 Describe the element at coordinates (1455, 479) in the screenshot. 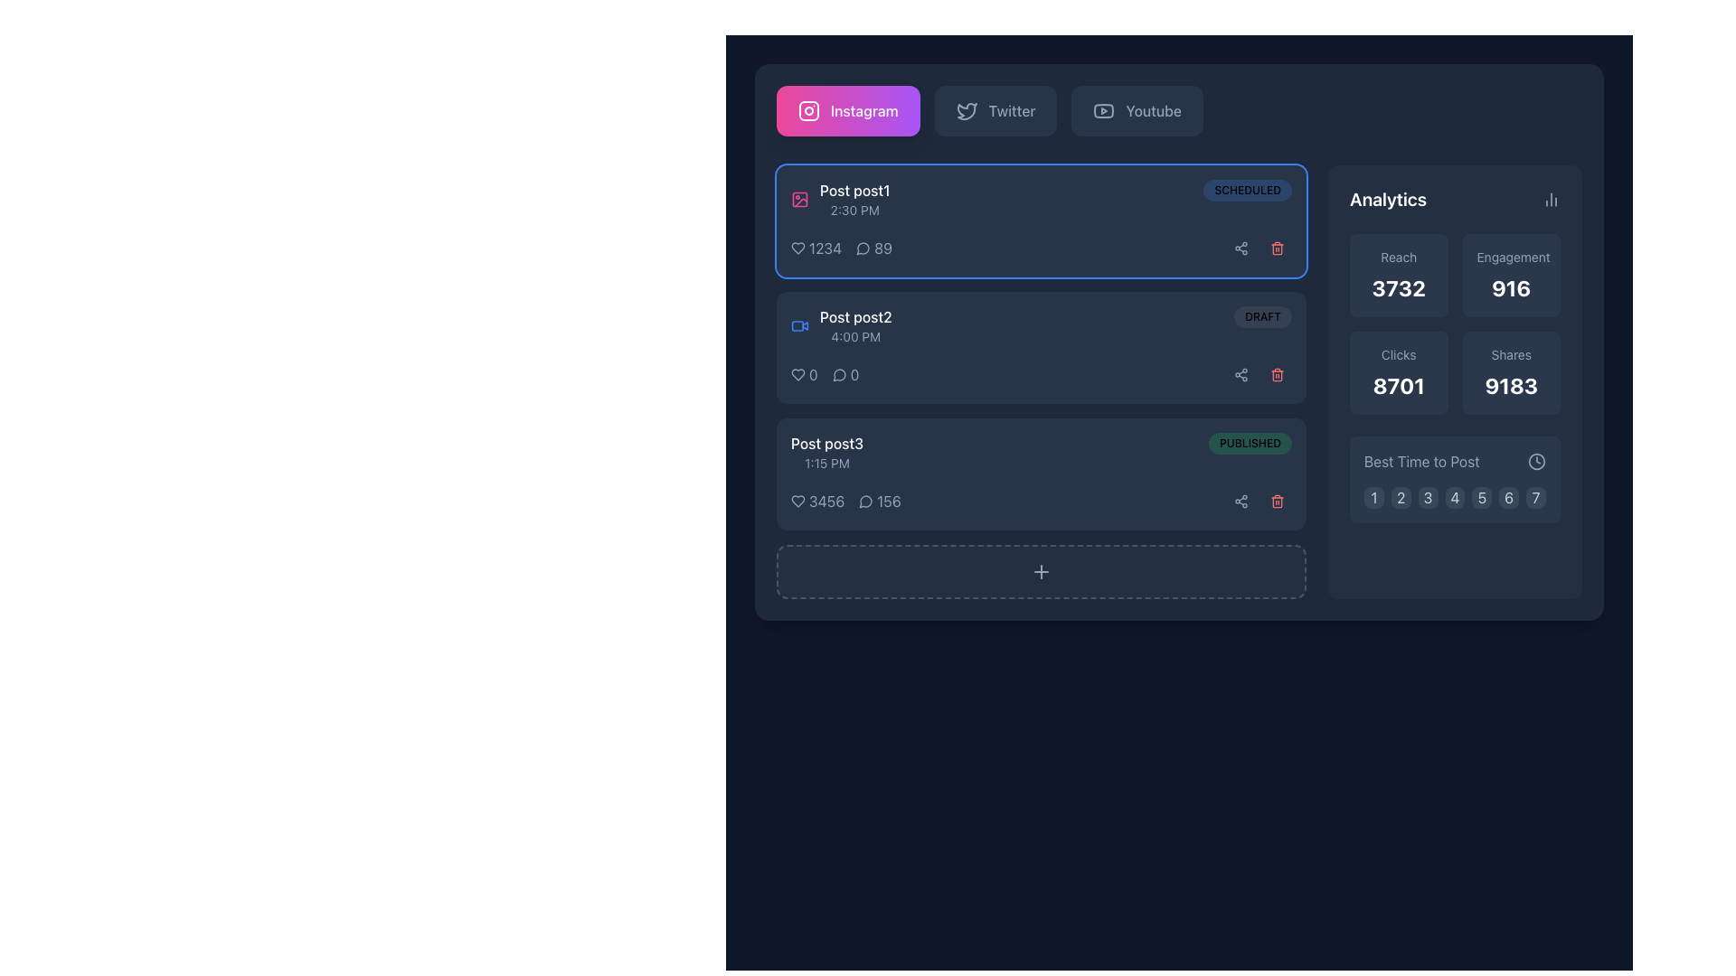

I see `one of the number buttons (1 to 7) in the 'Best Time to Post' interactive panel located in the Analytics section` at that location.